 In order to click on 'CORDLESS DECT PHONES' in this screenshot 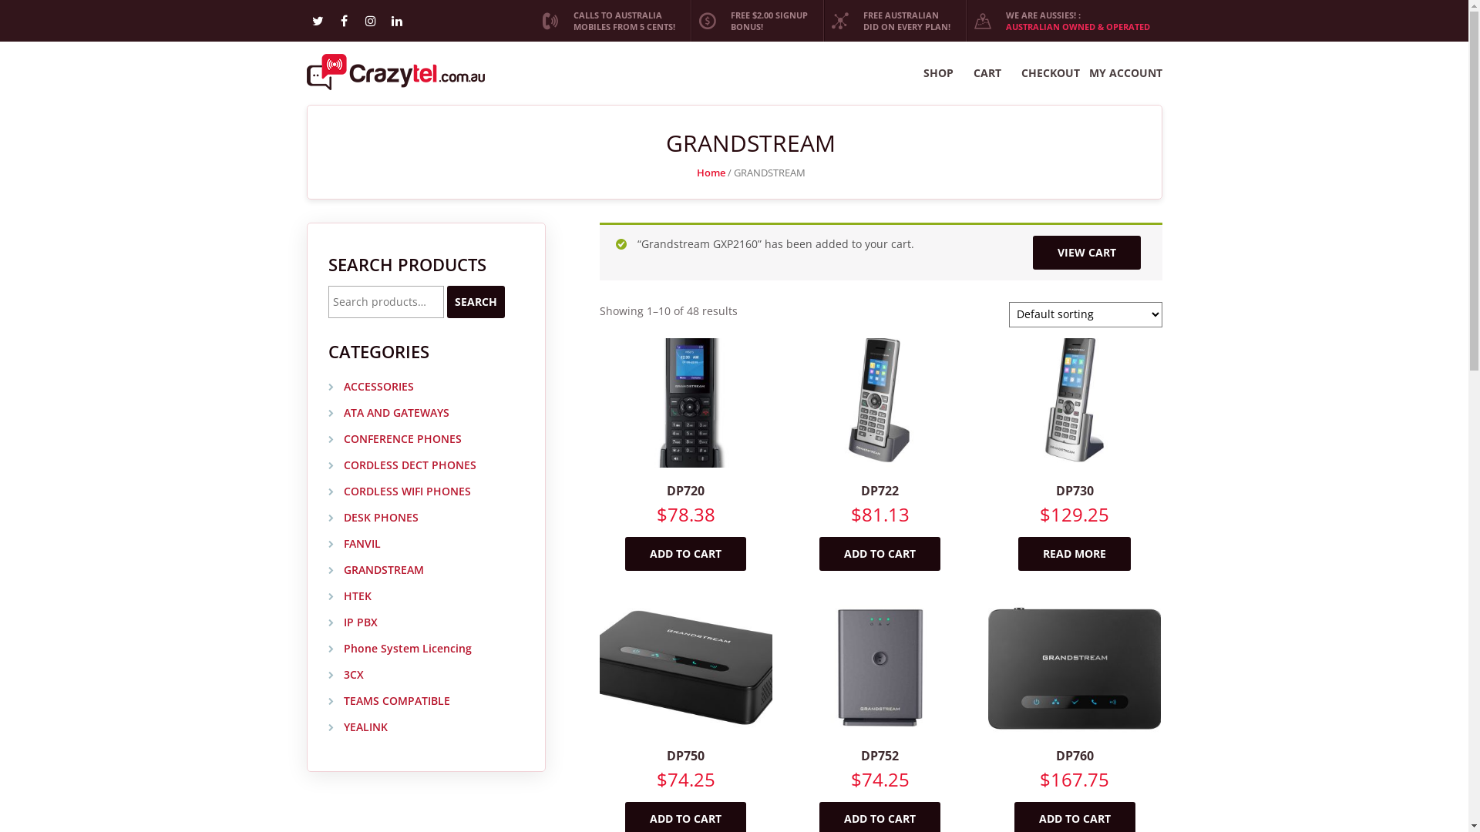, I will do `click(402, 465)`.